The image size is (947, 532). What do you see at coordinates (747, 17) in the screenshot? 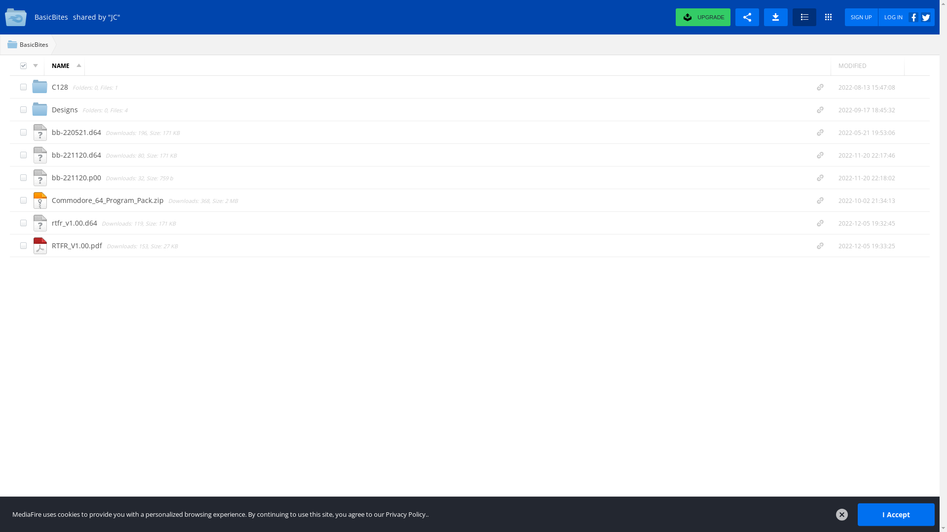
I see `'Share folder'` at bounding box center [747, 17].